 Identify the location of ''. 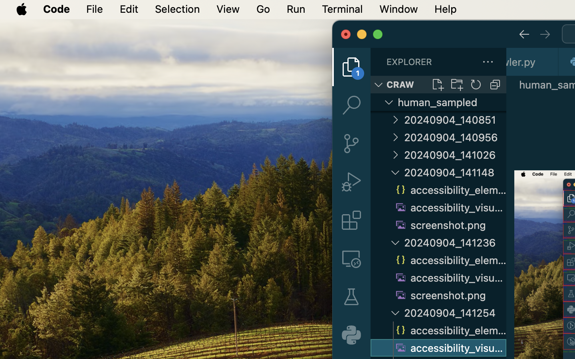
(351, 105).